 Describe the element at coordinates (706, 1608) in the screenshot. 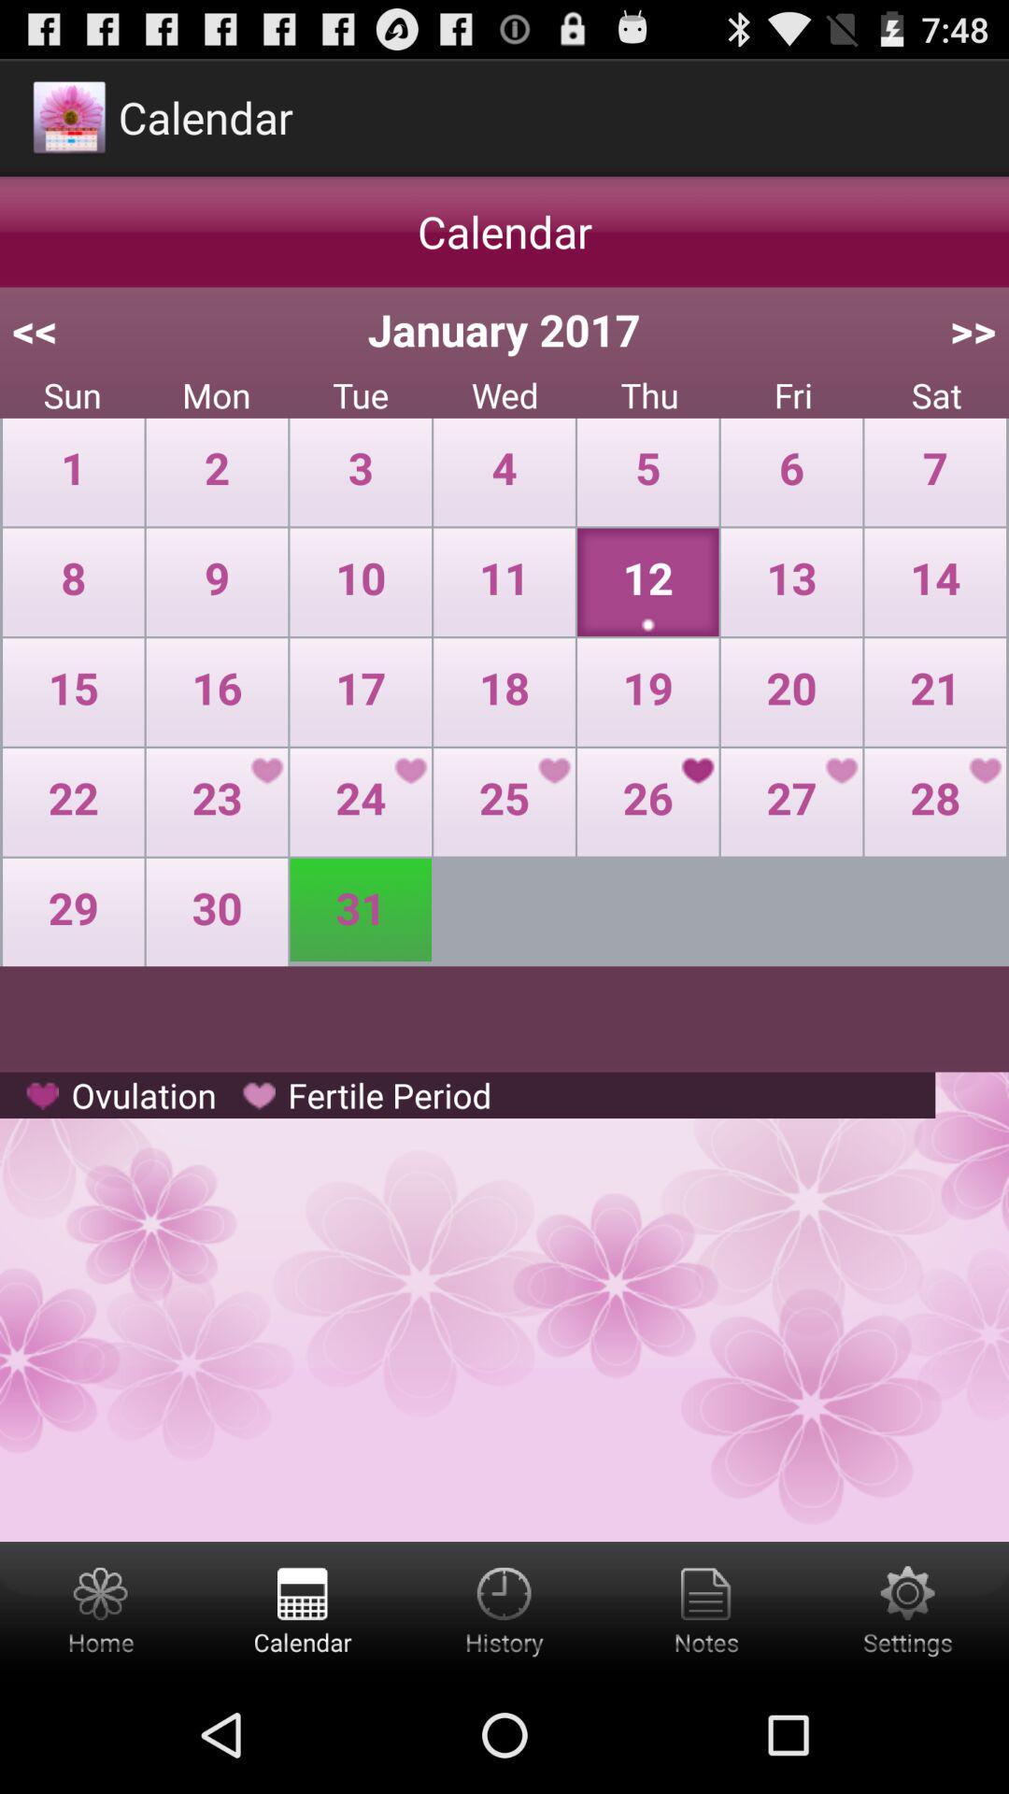

I see `the notes symbols` at that location.